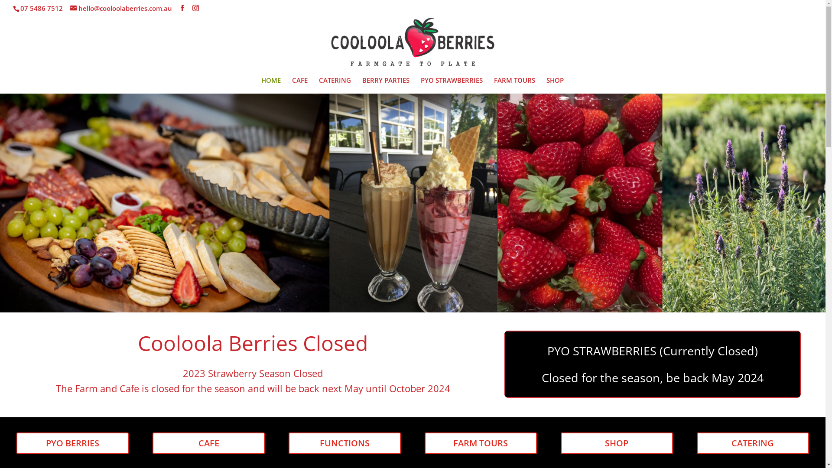 Image resolution: width=832 pixels, height=468 pixels. Describe the element at coordinates (616, 443) in the screenshot. I see `'SHOP'` at that location.